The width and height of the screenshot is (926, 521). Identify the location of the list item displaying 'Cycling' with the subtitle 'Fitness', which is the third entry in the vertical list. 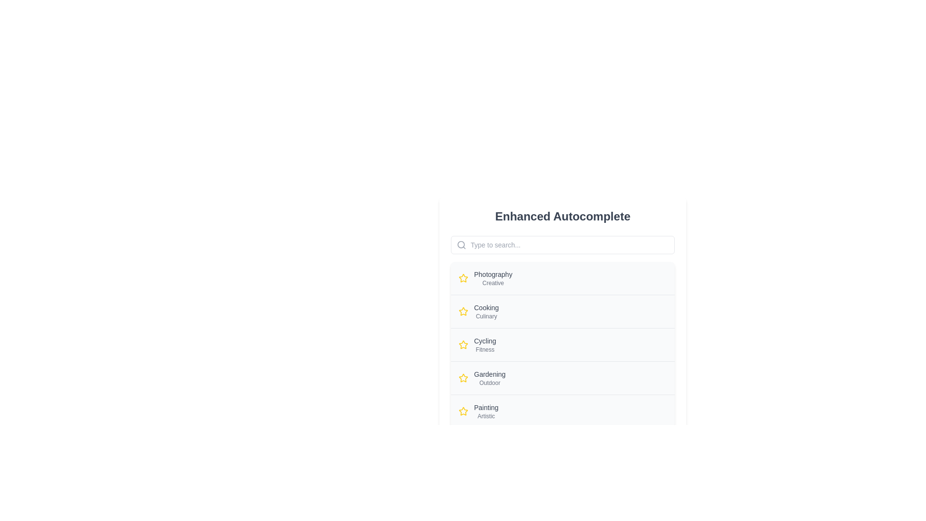
(562, 343).